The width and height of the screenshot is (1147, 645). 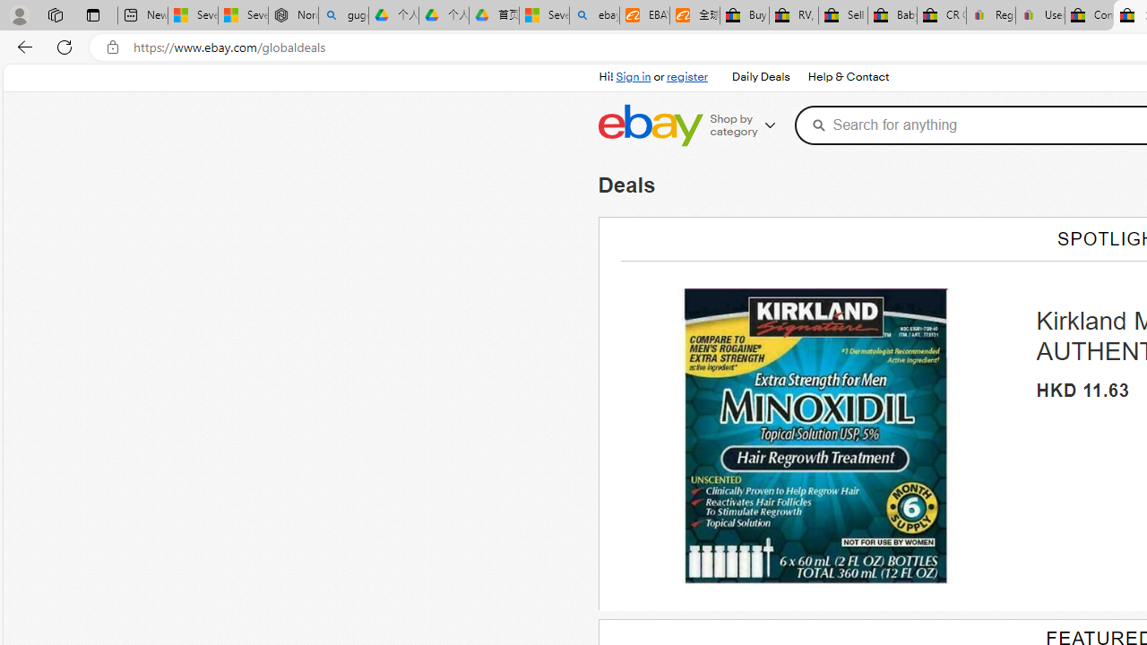 What do you see at coordinates (1089, 15) in the screenshot?
I see `'Consumer Health Data Privacy Policy - eBay Inc.'` at bounding box center [1089, 15].